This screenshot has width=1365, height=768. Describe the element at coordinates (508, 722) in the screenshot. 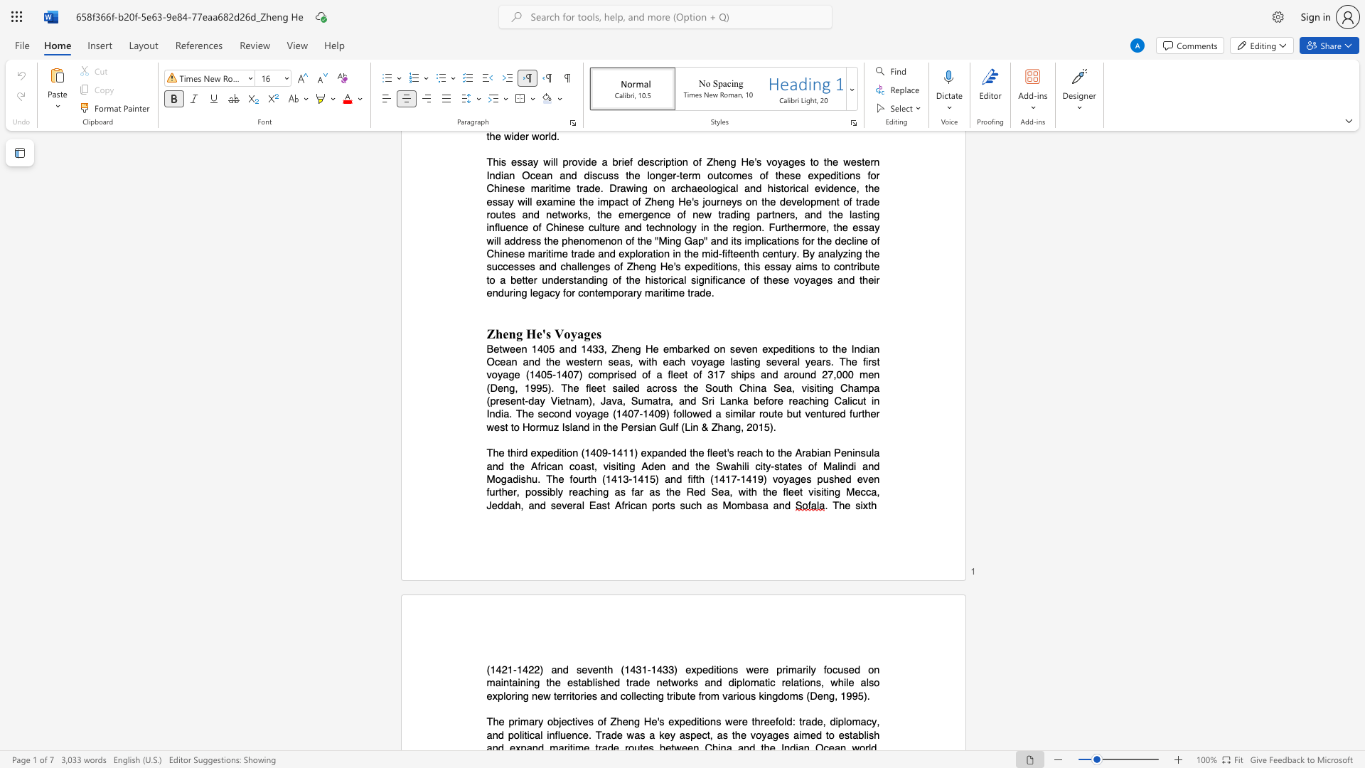

I see `the subset text "prim" within the text "The primary"` at that location.